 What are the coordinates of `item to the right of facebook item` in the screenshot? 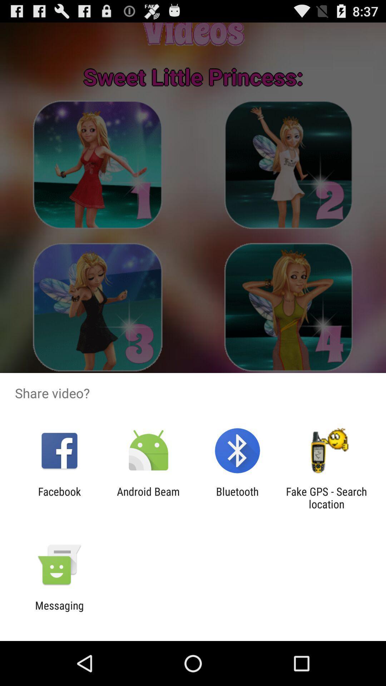 It's located at (148, 497).